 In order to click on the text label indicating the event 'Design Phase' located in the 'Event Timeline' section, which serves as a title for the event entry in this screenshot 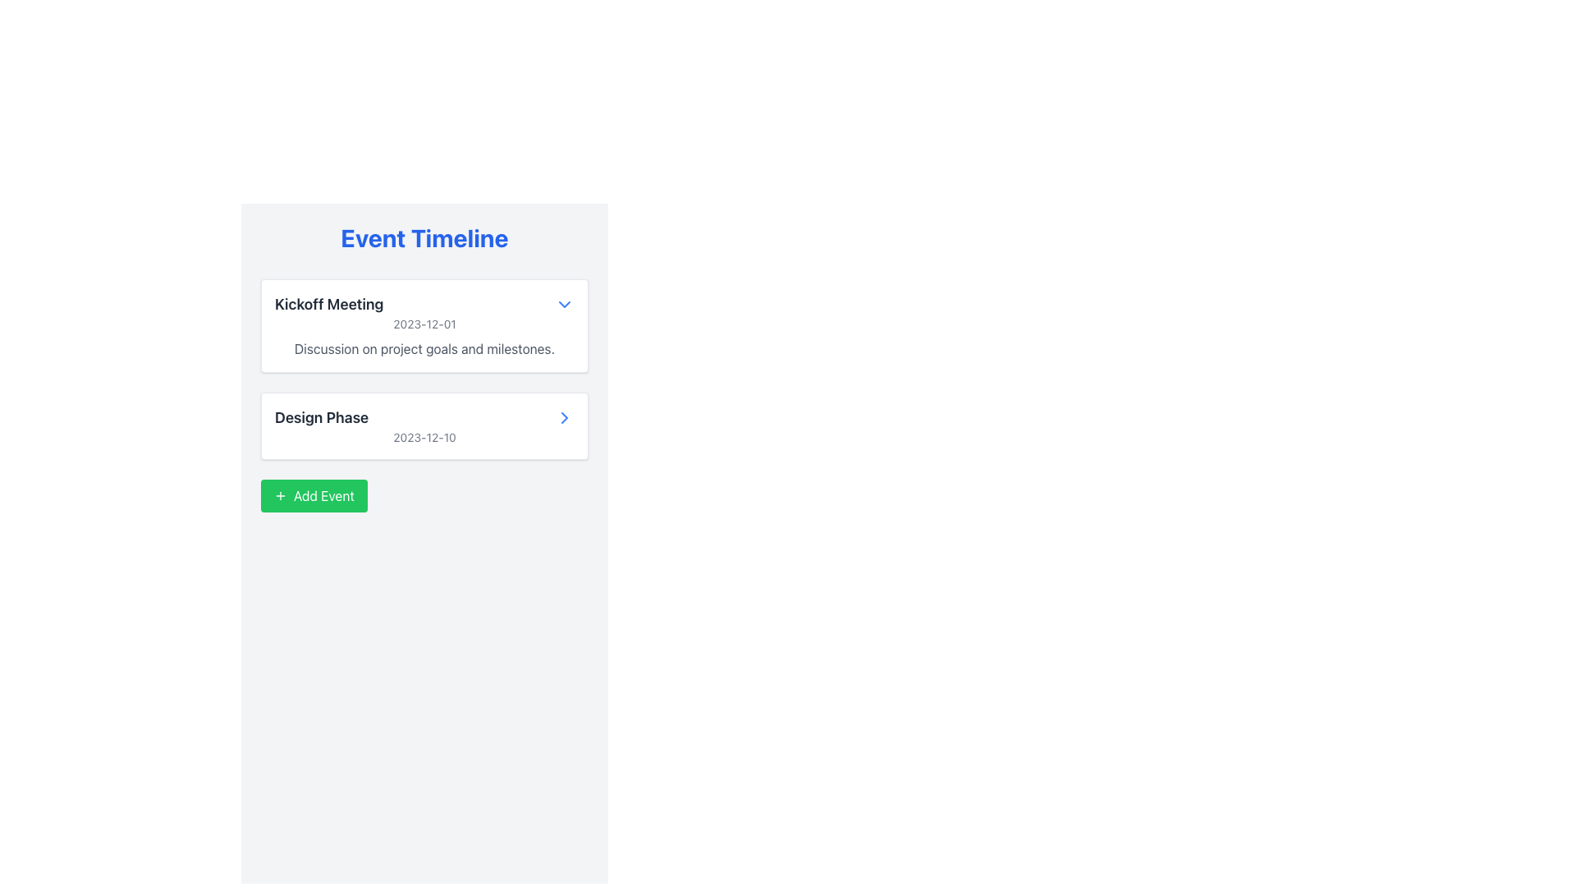, I will do `click(322, 417)`.